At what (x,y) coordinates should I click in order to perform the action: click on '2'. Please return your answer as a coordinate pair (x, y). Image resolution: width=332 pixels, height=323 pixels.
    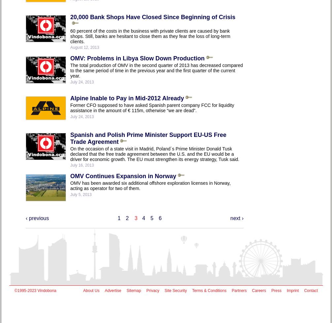
    Looking at the image, I should click on (127, 218).